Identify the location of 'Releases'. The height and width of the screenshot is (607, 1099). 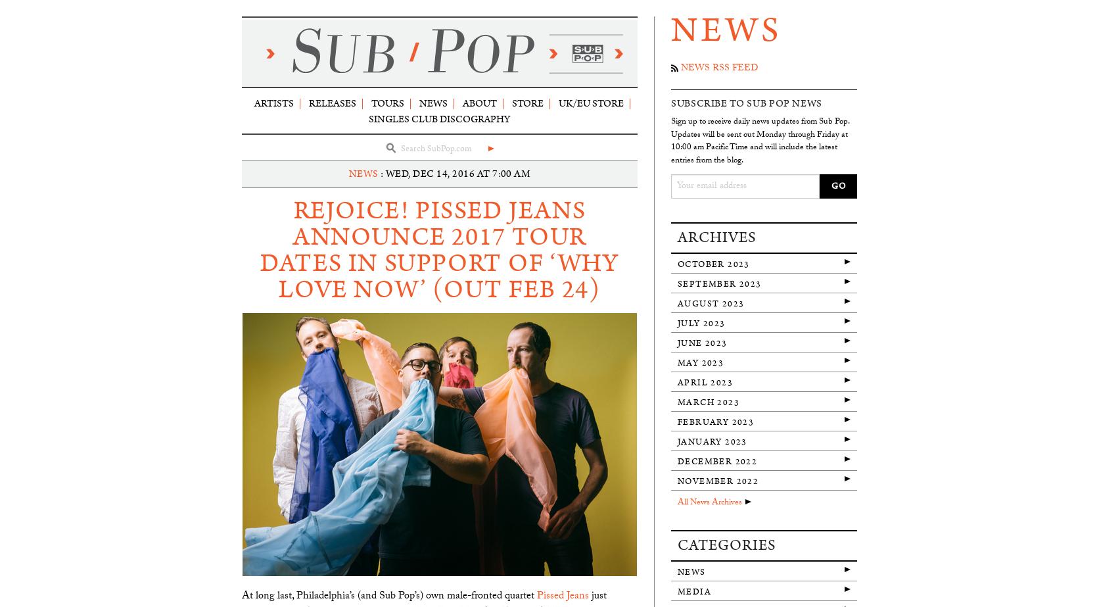
(332, 103).